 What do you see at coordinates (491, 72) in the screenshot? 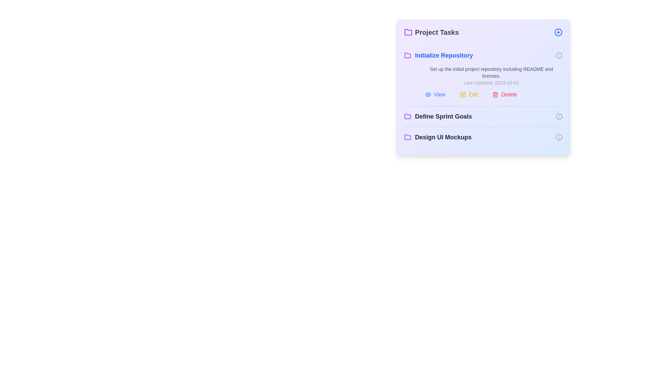
I see `the descriptive text that provides details about initializing a project repository, located below the 'Initialize Repository' text in the 'Project Tasks' panel` at bounding box center [491, 72].